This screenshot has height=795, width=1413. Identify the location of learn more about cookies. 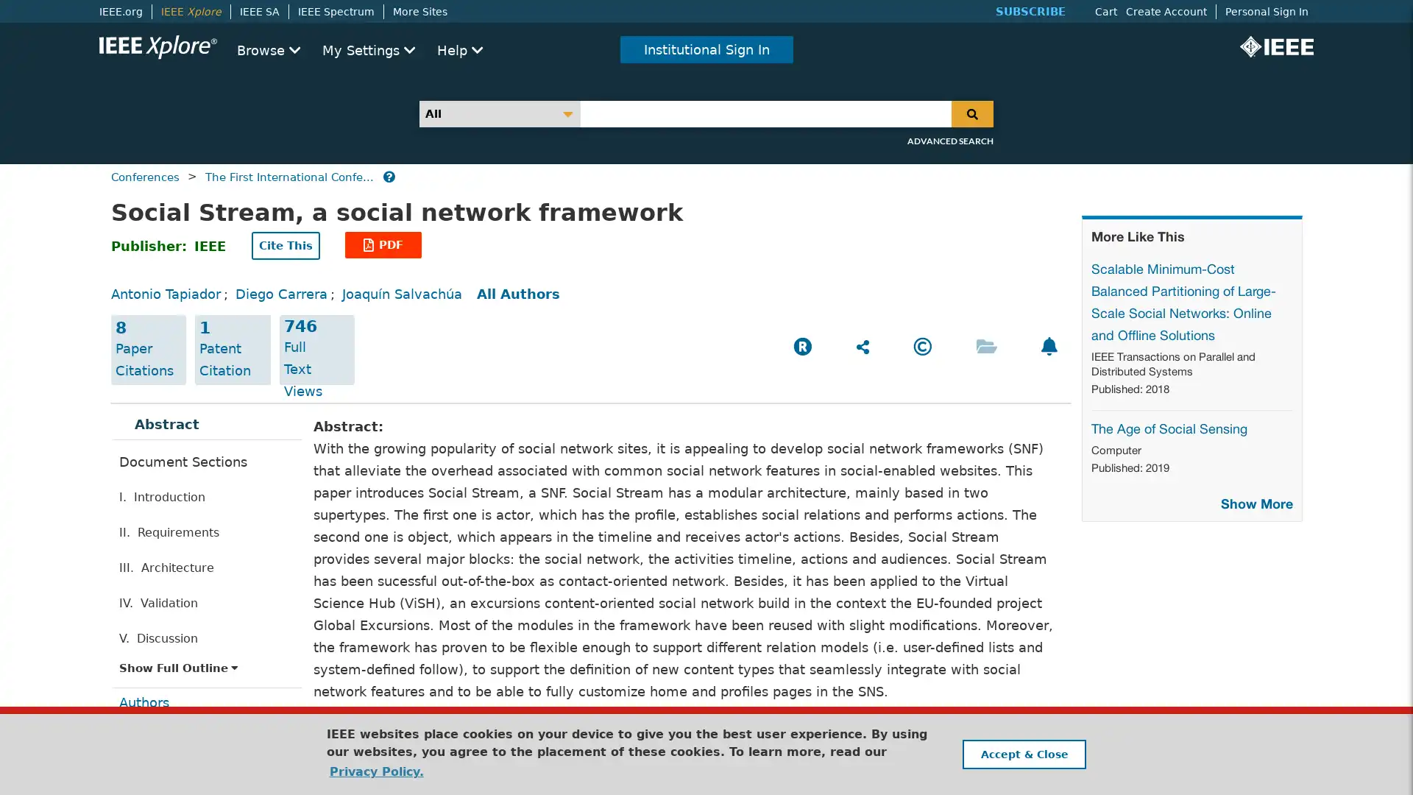
(375, 771).